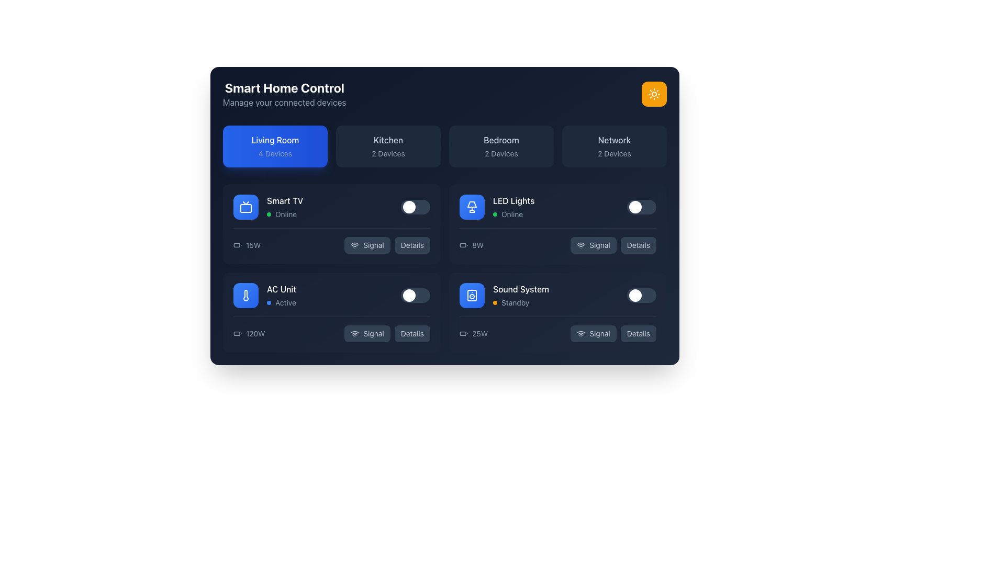 The height and width of the screenshot is (565, 1005). I want to click on the text label indicating the status of the 'LED Lights' smart lighting device in the Living Room category to read its content, so click(513, 207).